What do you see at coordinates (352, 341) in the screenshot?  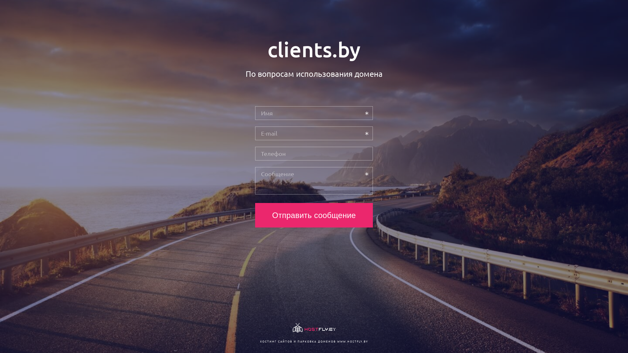 I see `'WWW.HOSTFLY.BY'` at bounding box center [352, 341].